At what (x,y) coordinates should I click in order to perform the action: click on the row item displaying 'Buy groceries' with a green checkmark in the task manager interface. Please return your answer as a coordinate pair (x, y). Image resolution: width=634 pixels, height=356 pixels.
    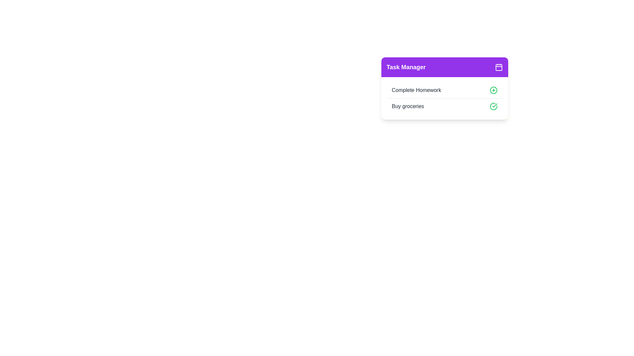
    Looking at the image, I should click on (444, 106).